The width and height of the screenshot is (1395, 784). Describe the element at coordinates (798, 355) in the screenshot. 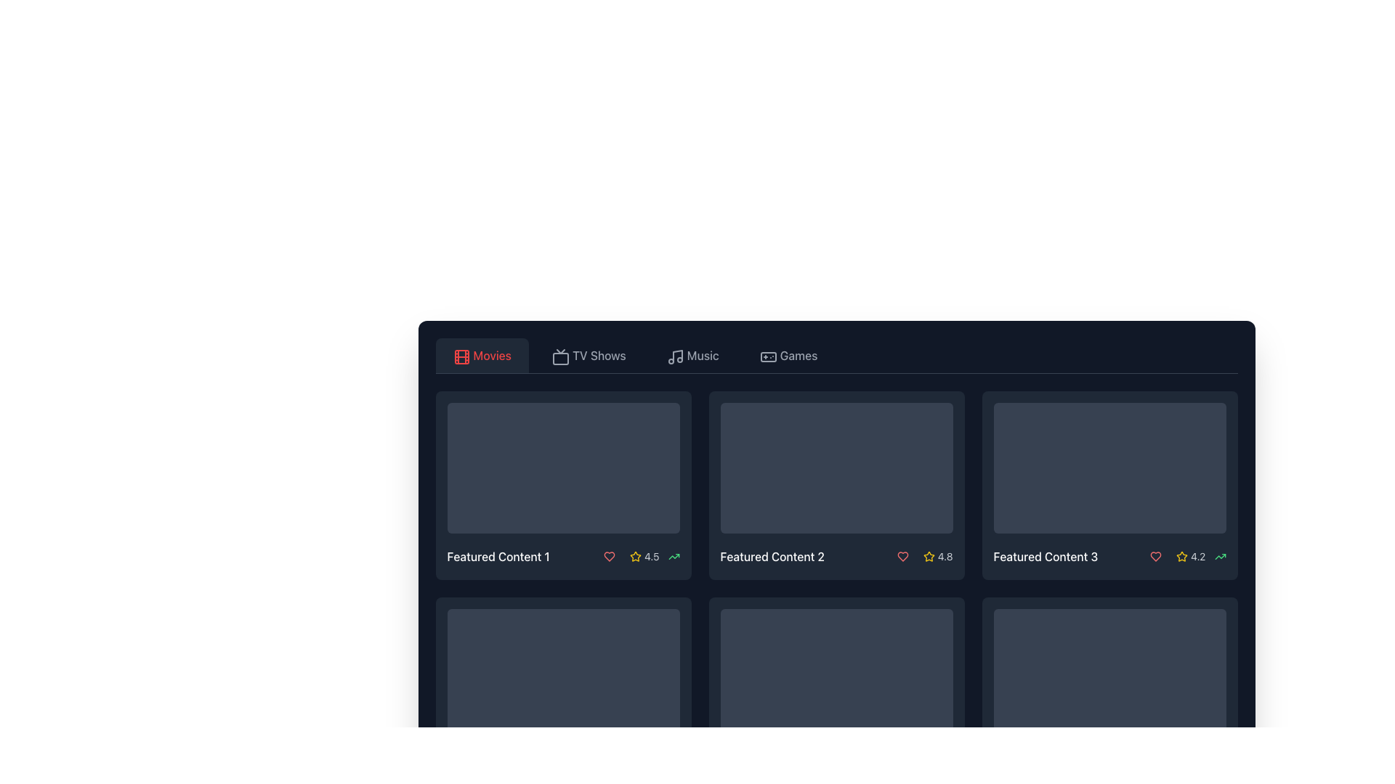

I see `the 'Games' text label in the navigation bar` at that location.